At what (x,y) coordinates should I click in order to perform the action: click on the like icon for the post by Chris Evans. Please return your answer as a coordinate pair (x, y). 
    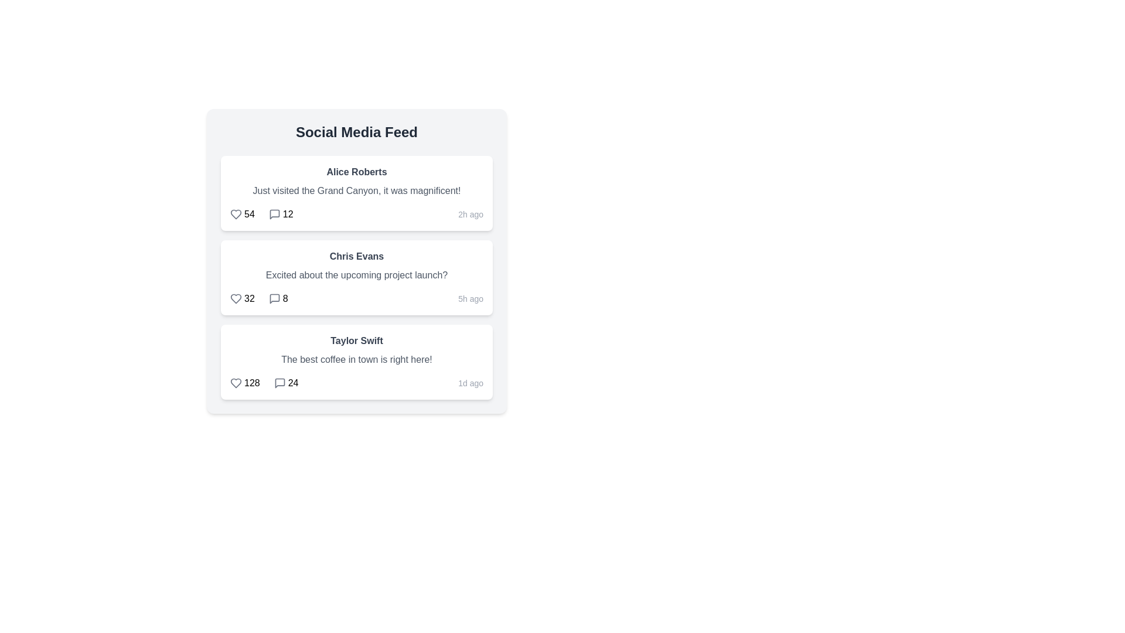
    Looking at the image, I should click on (236, 298).